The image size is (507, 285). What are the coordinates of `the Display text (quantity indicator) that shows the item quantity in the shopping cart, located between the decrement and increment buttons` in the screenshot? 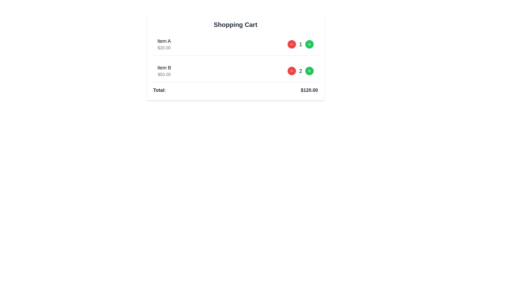 It's located at (301, 71).